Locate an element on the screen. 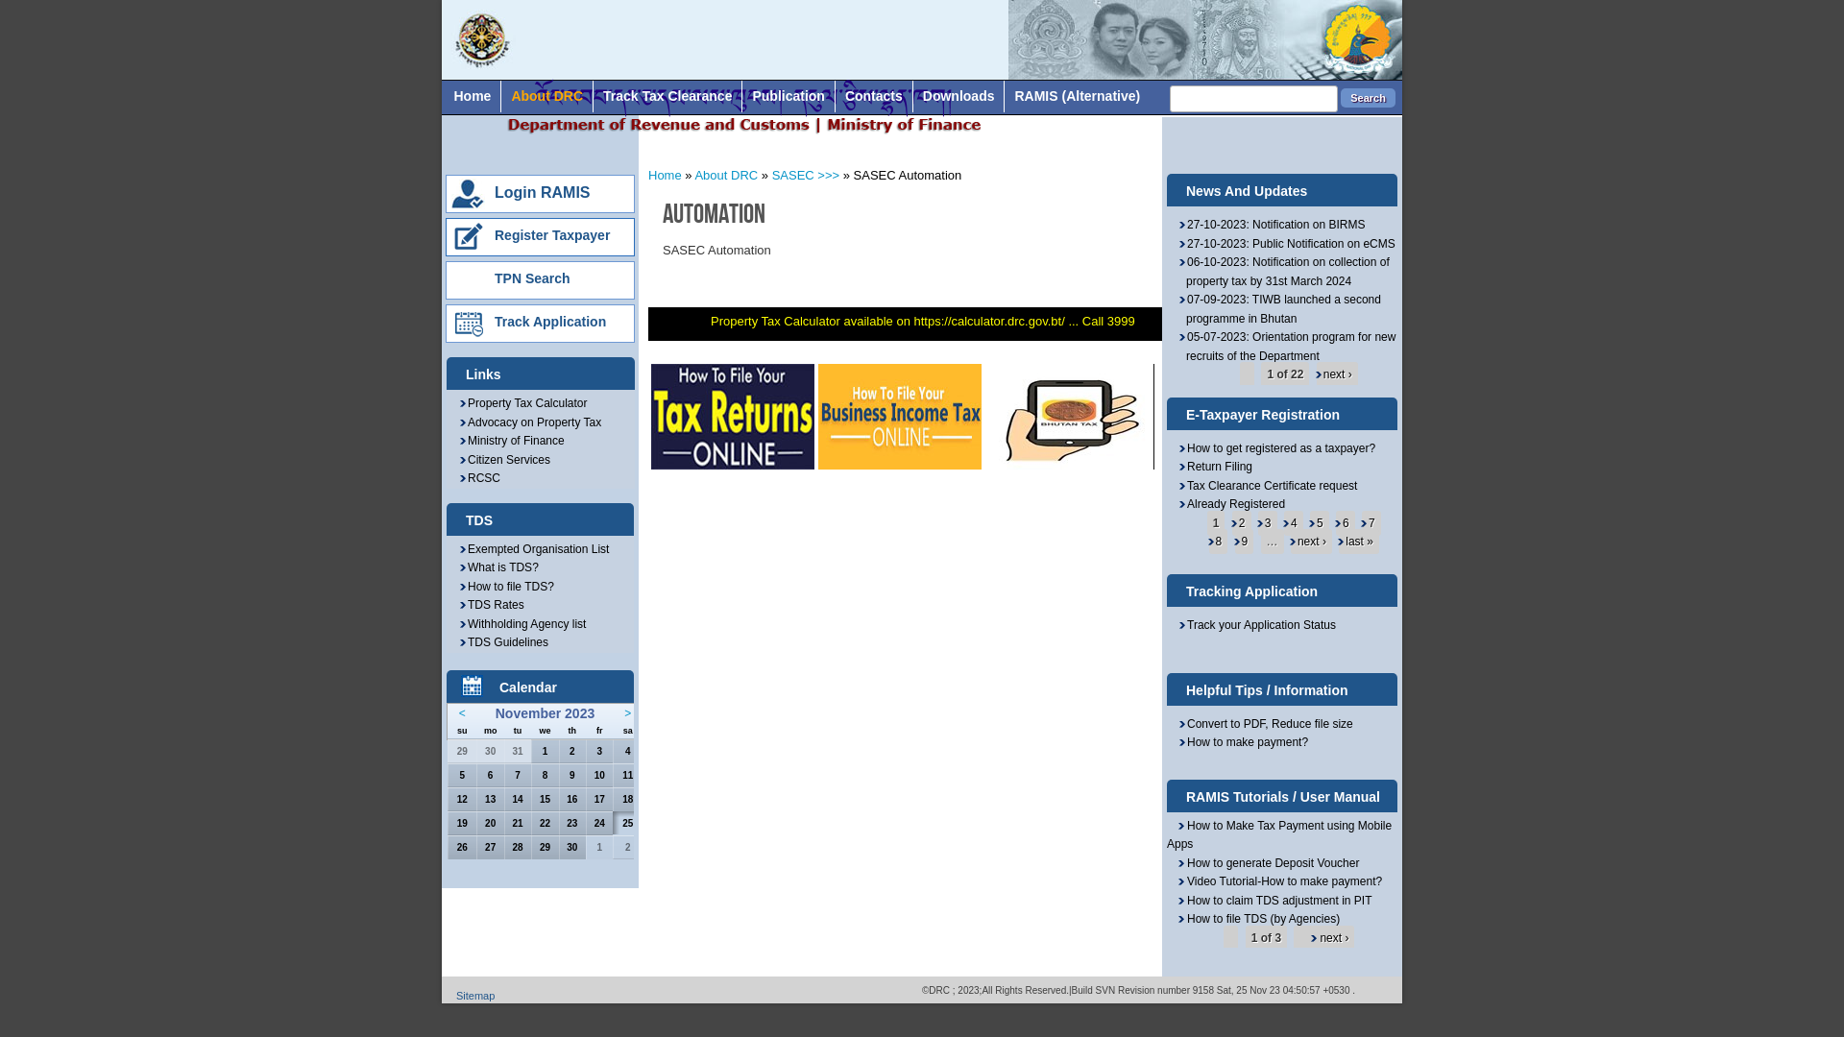  '8' is located at coordinates (1213, 541).